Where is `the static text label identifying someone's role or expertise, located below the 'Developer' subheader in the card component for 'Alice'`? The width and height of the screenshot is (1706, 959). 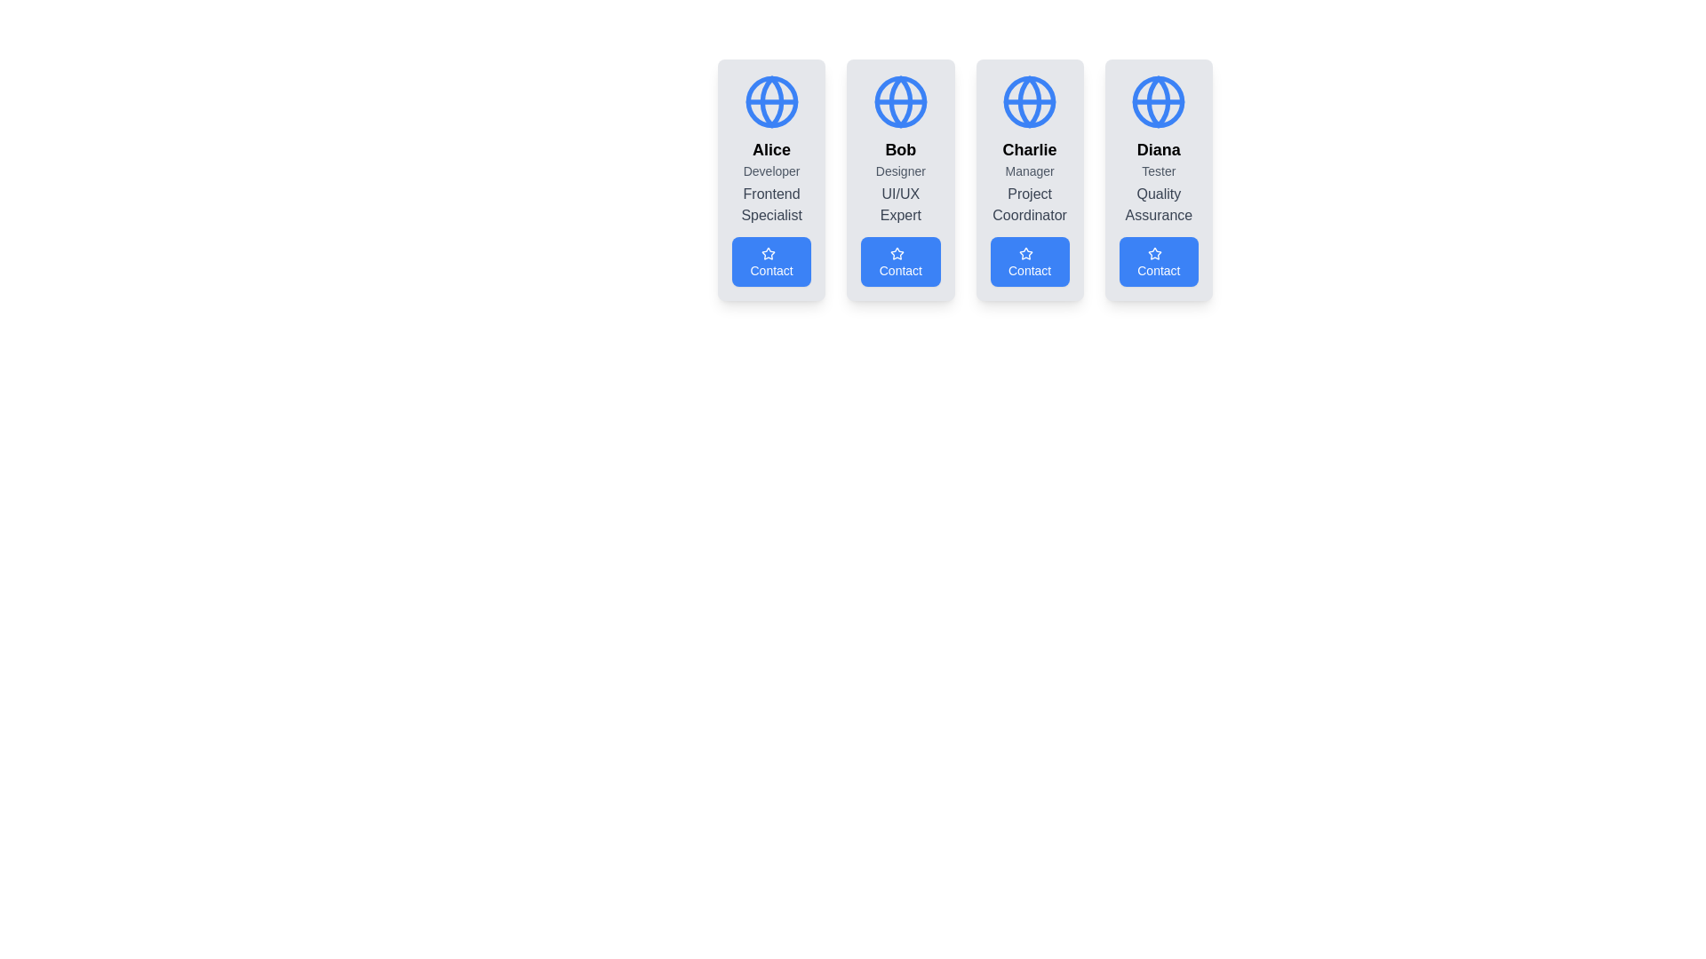 the static text label identifying someone's role or expertise, located below the 'Developer' subheader in the card component for 'Alice' is located at coordinates (771, 204).